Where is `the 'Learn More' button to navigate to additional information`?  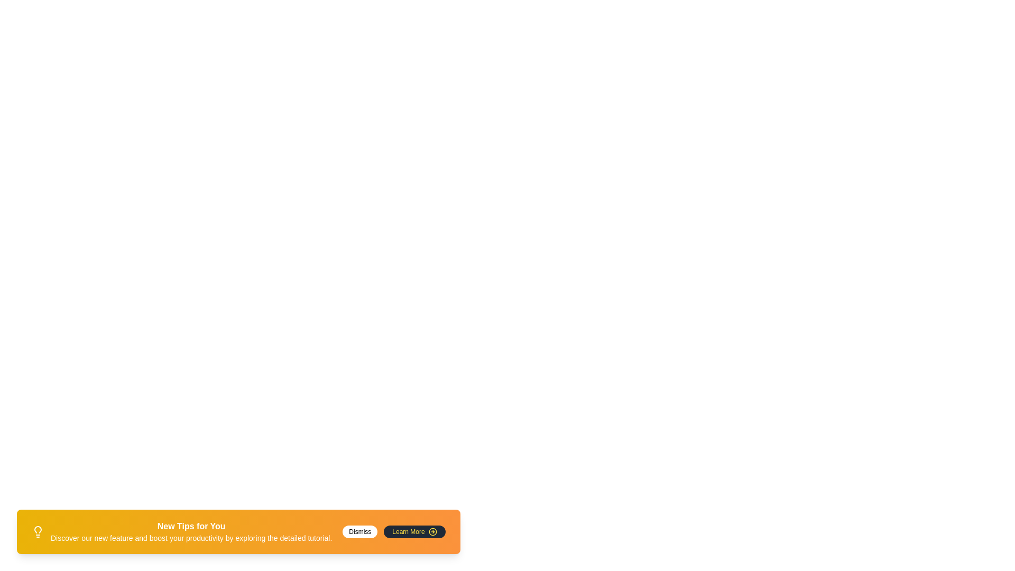 the 'Learn More' button to navigate to additional information is located at coordinates (414, 532).